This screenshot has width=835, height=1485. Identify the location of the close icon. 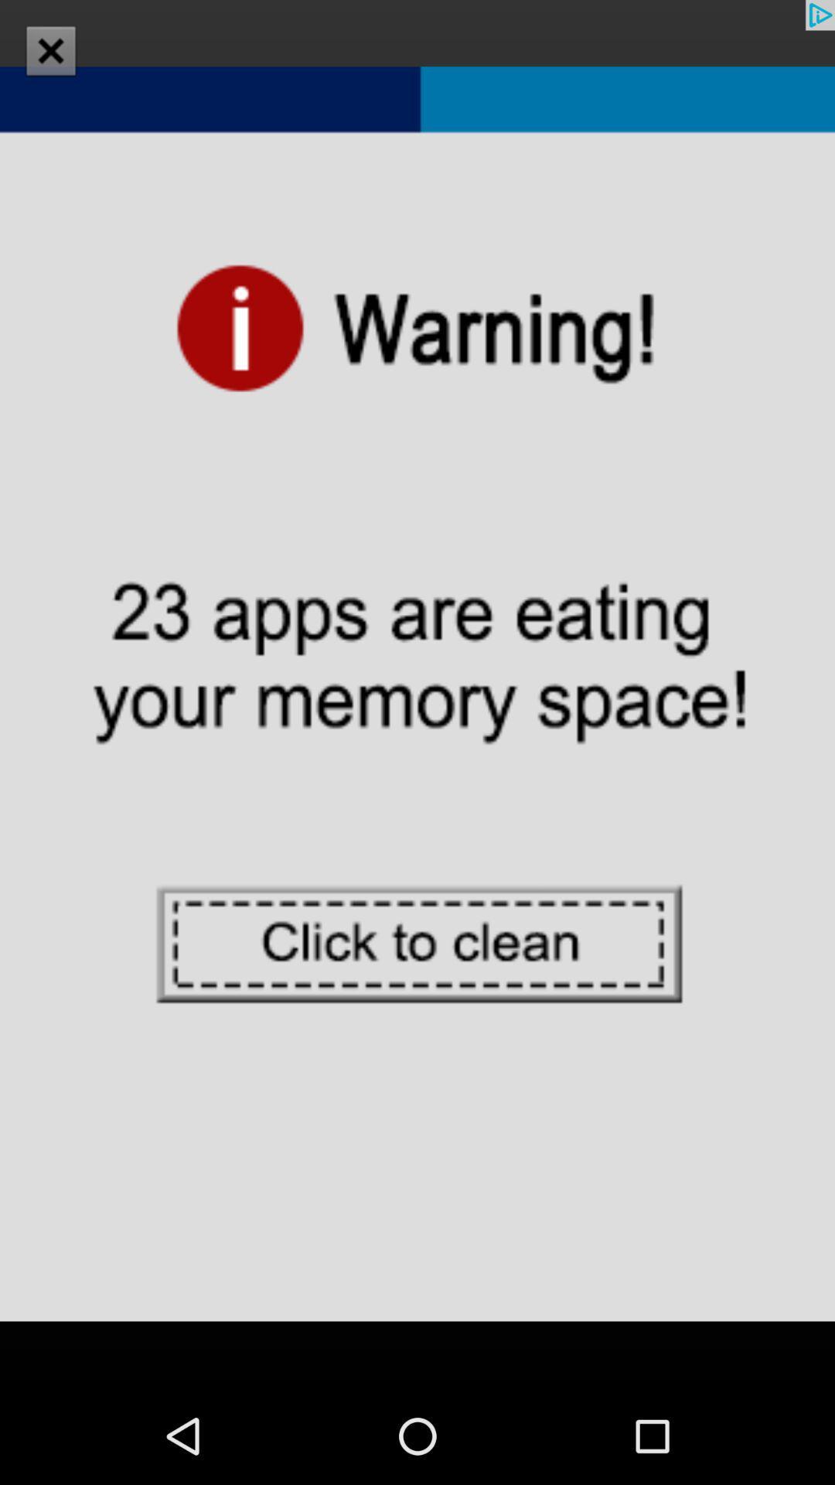
(49, 54).